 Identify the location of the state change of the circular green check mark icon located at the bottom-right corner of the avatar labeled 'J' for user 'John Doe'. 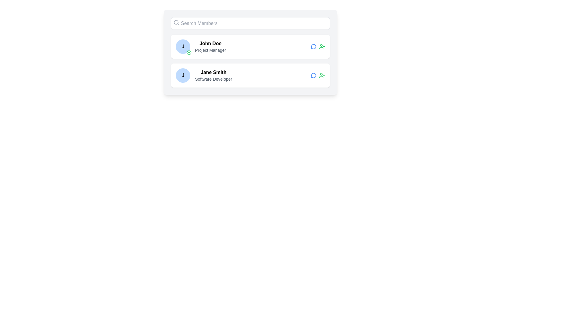
(189, 52).